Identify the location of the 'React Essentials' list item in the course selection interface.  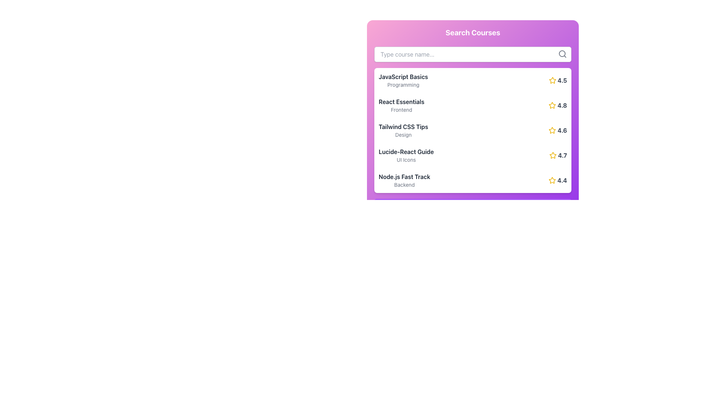
(473, 105).